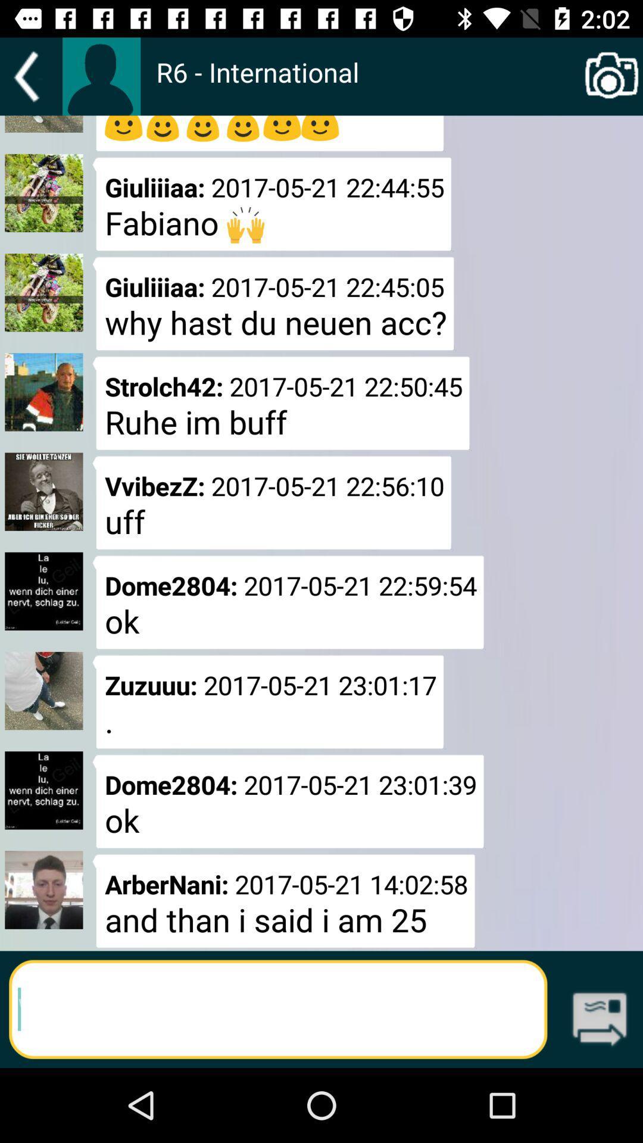 This screenshot has width=643, height=1143. Describe the element at coordinates (281, 403) in the screenshot. I see `app above vvibezz 2017 05 icon` at that location.